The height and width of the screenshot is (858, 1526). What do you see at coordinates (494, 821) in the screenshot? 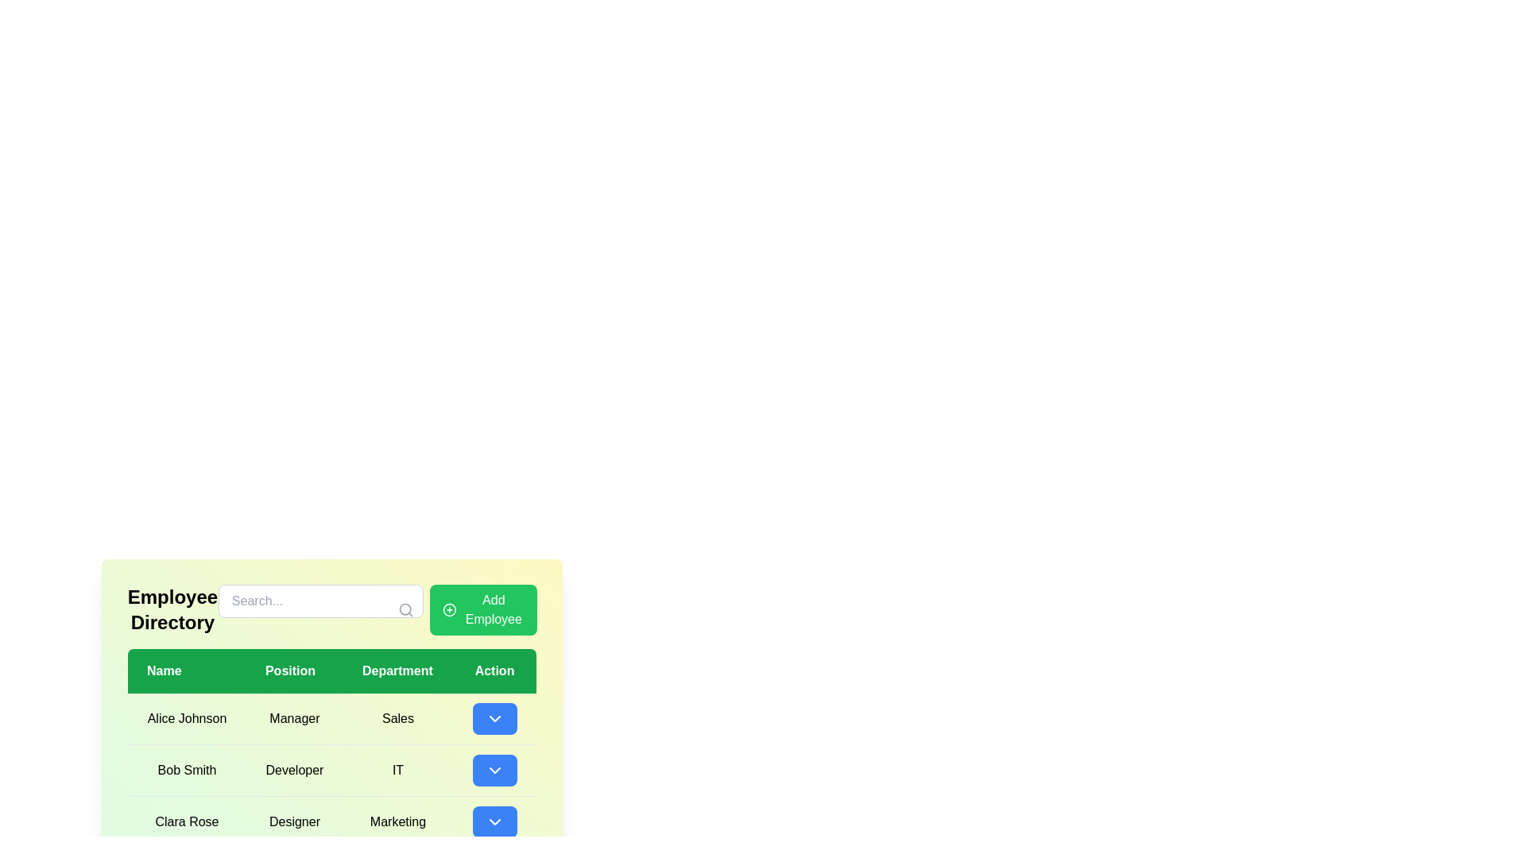
I see `the downward-facing chevron icon, which is part of a button with a bright blue background located in the third row of the action column` at bounding box center [494, 821].